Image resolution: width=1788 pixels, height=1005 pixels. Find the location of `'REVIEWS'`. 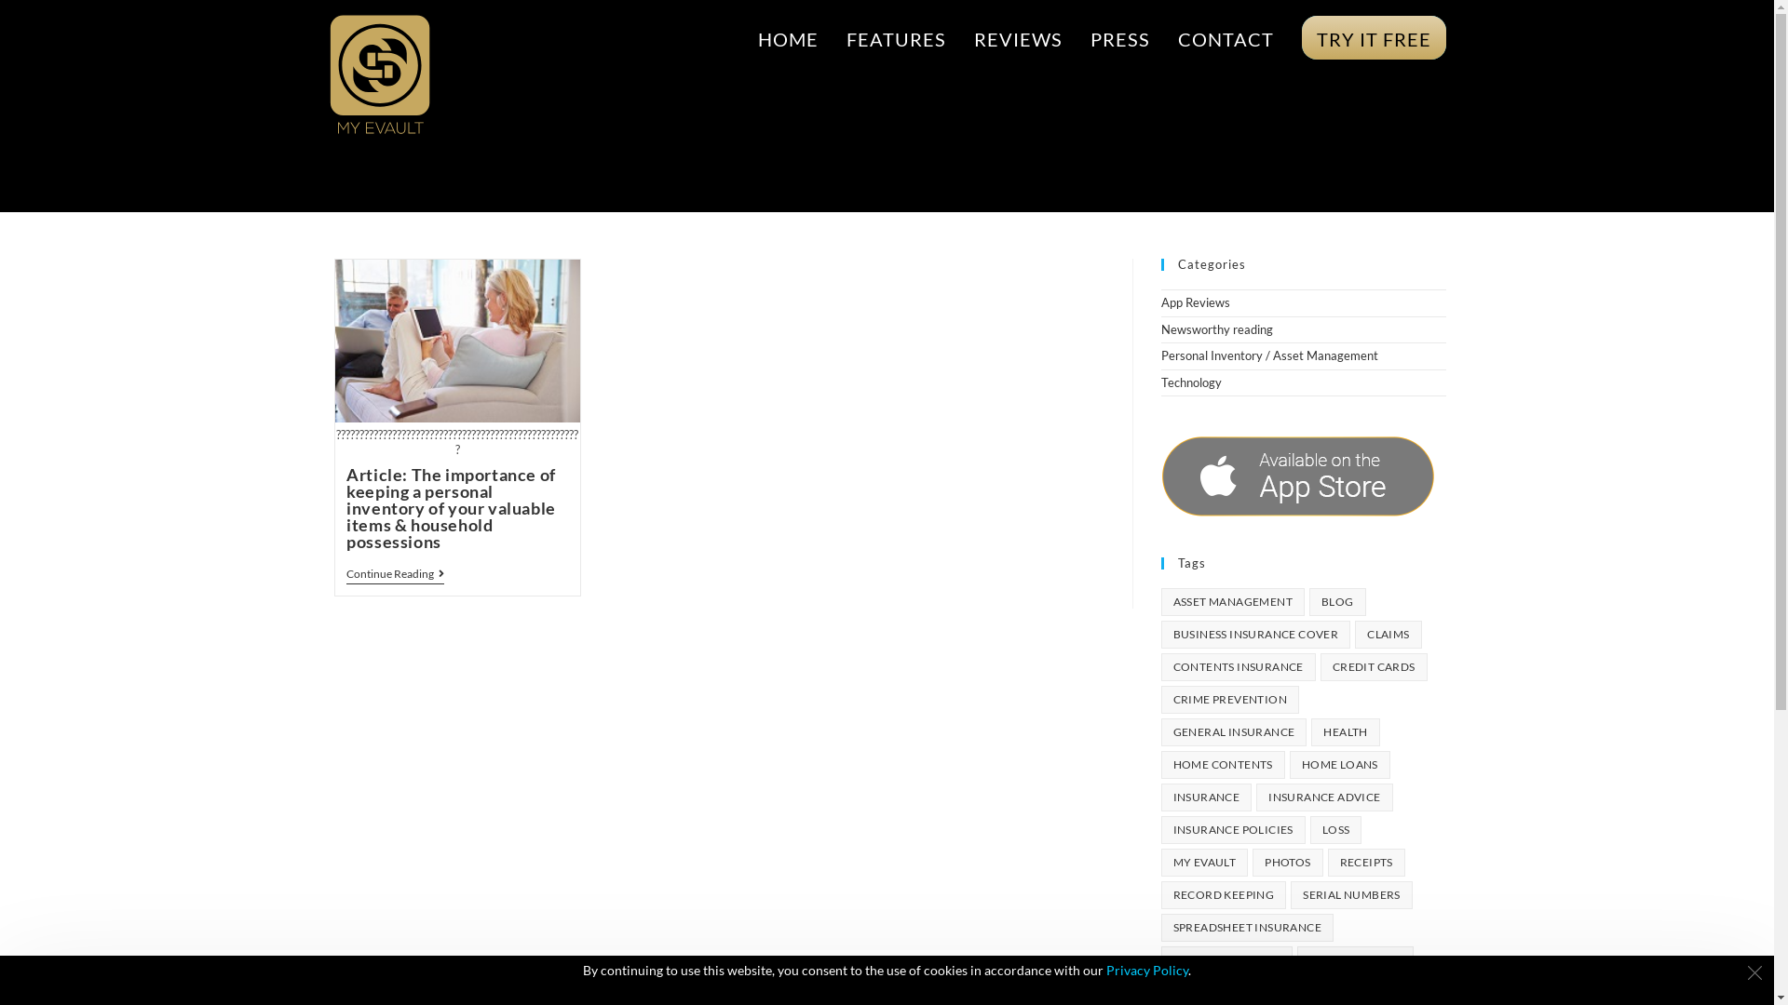

'REVIEWS' is located at coordinates (959, 39).